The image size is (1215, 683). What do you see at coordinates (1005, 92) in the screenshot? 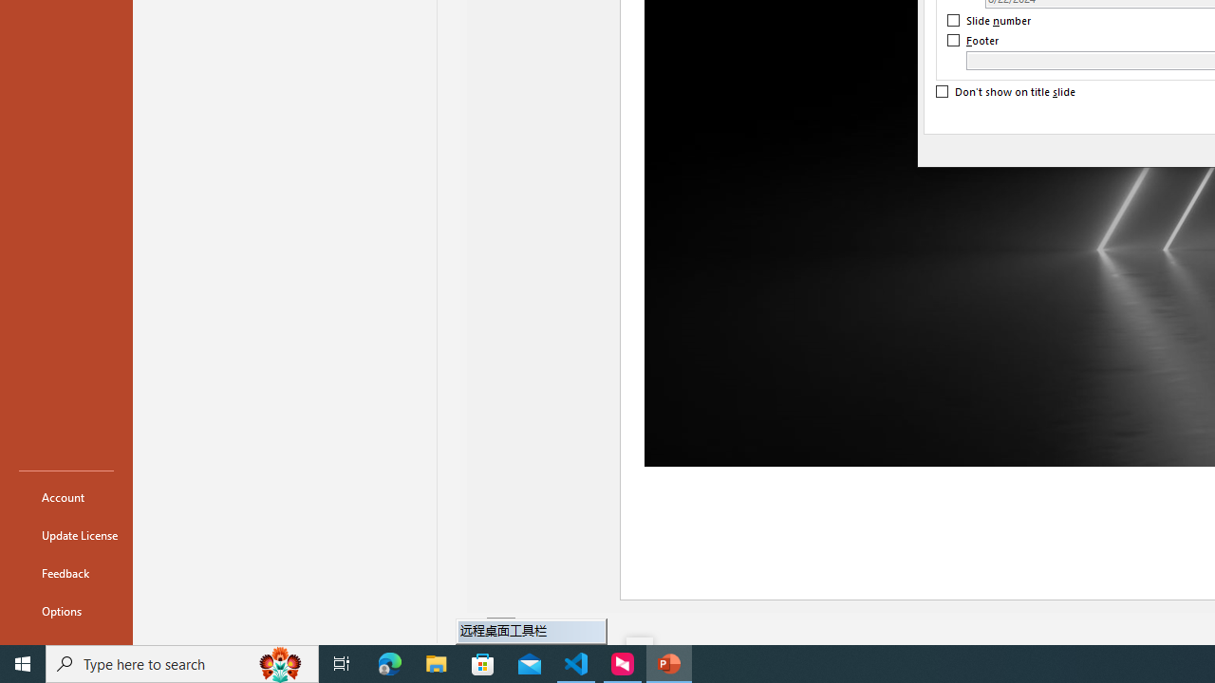
I see `'Don'` at bounding box center [1005, 92].